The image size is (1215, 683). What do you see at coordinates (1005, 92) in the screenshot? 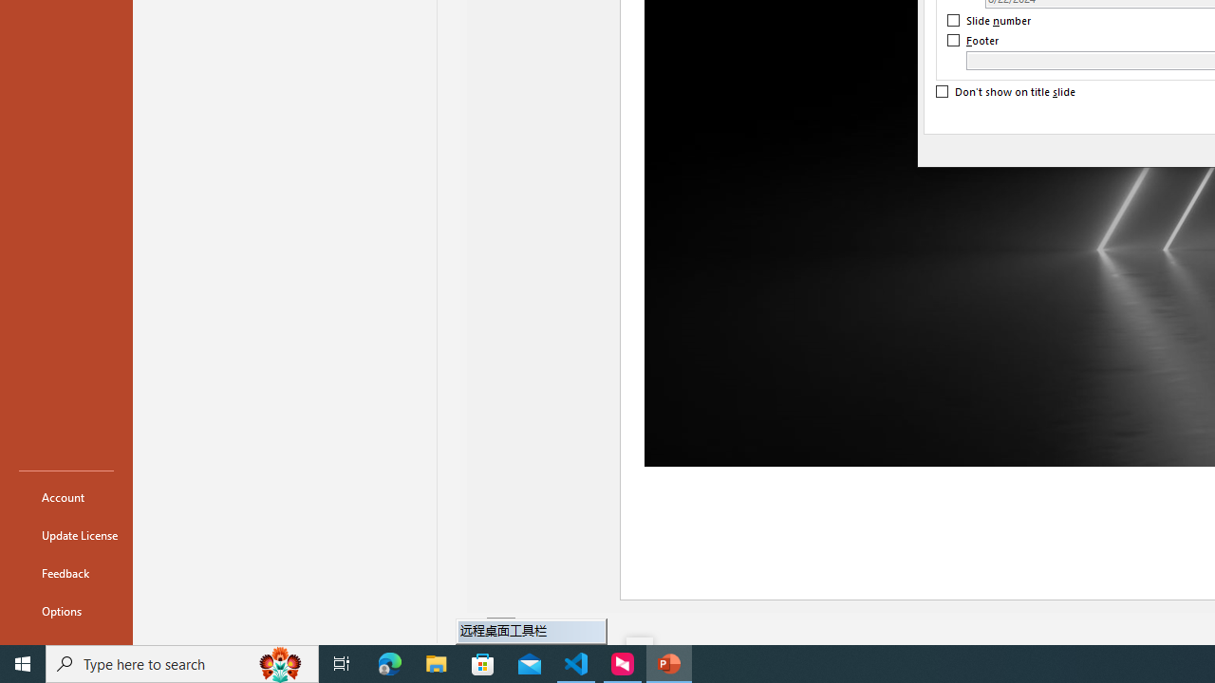
I see `'Don'` at bounding box center [1005, 92].